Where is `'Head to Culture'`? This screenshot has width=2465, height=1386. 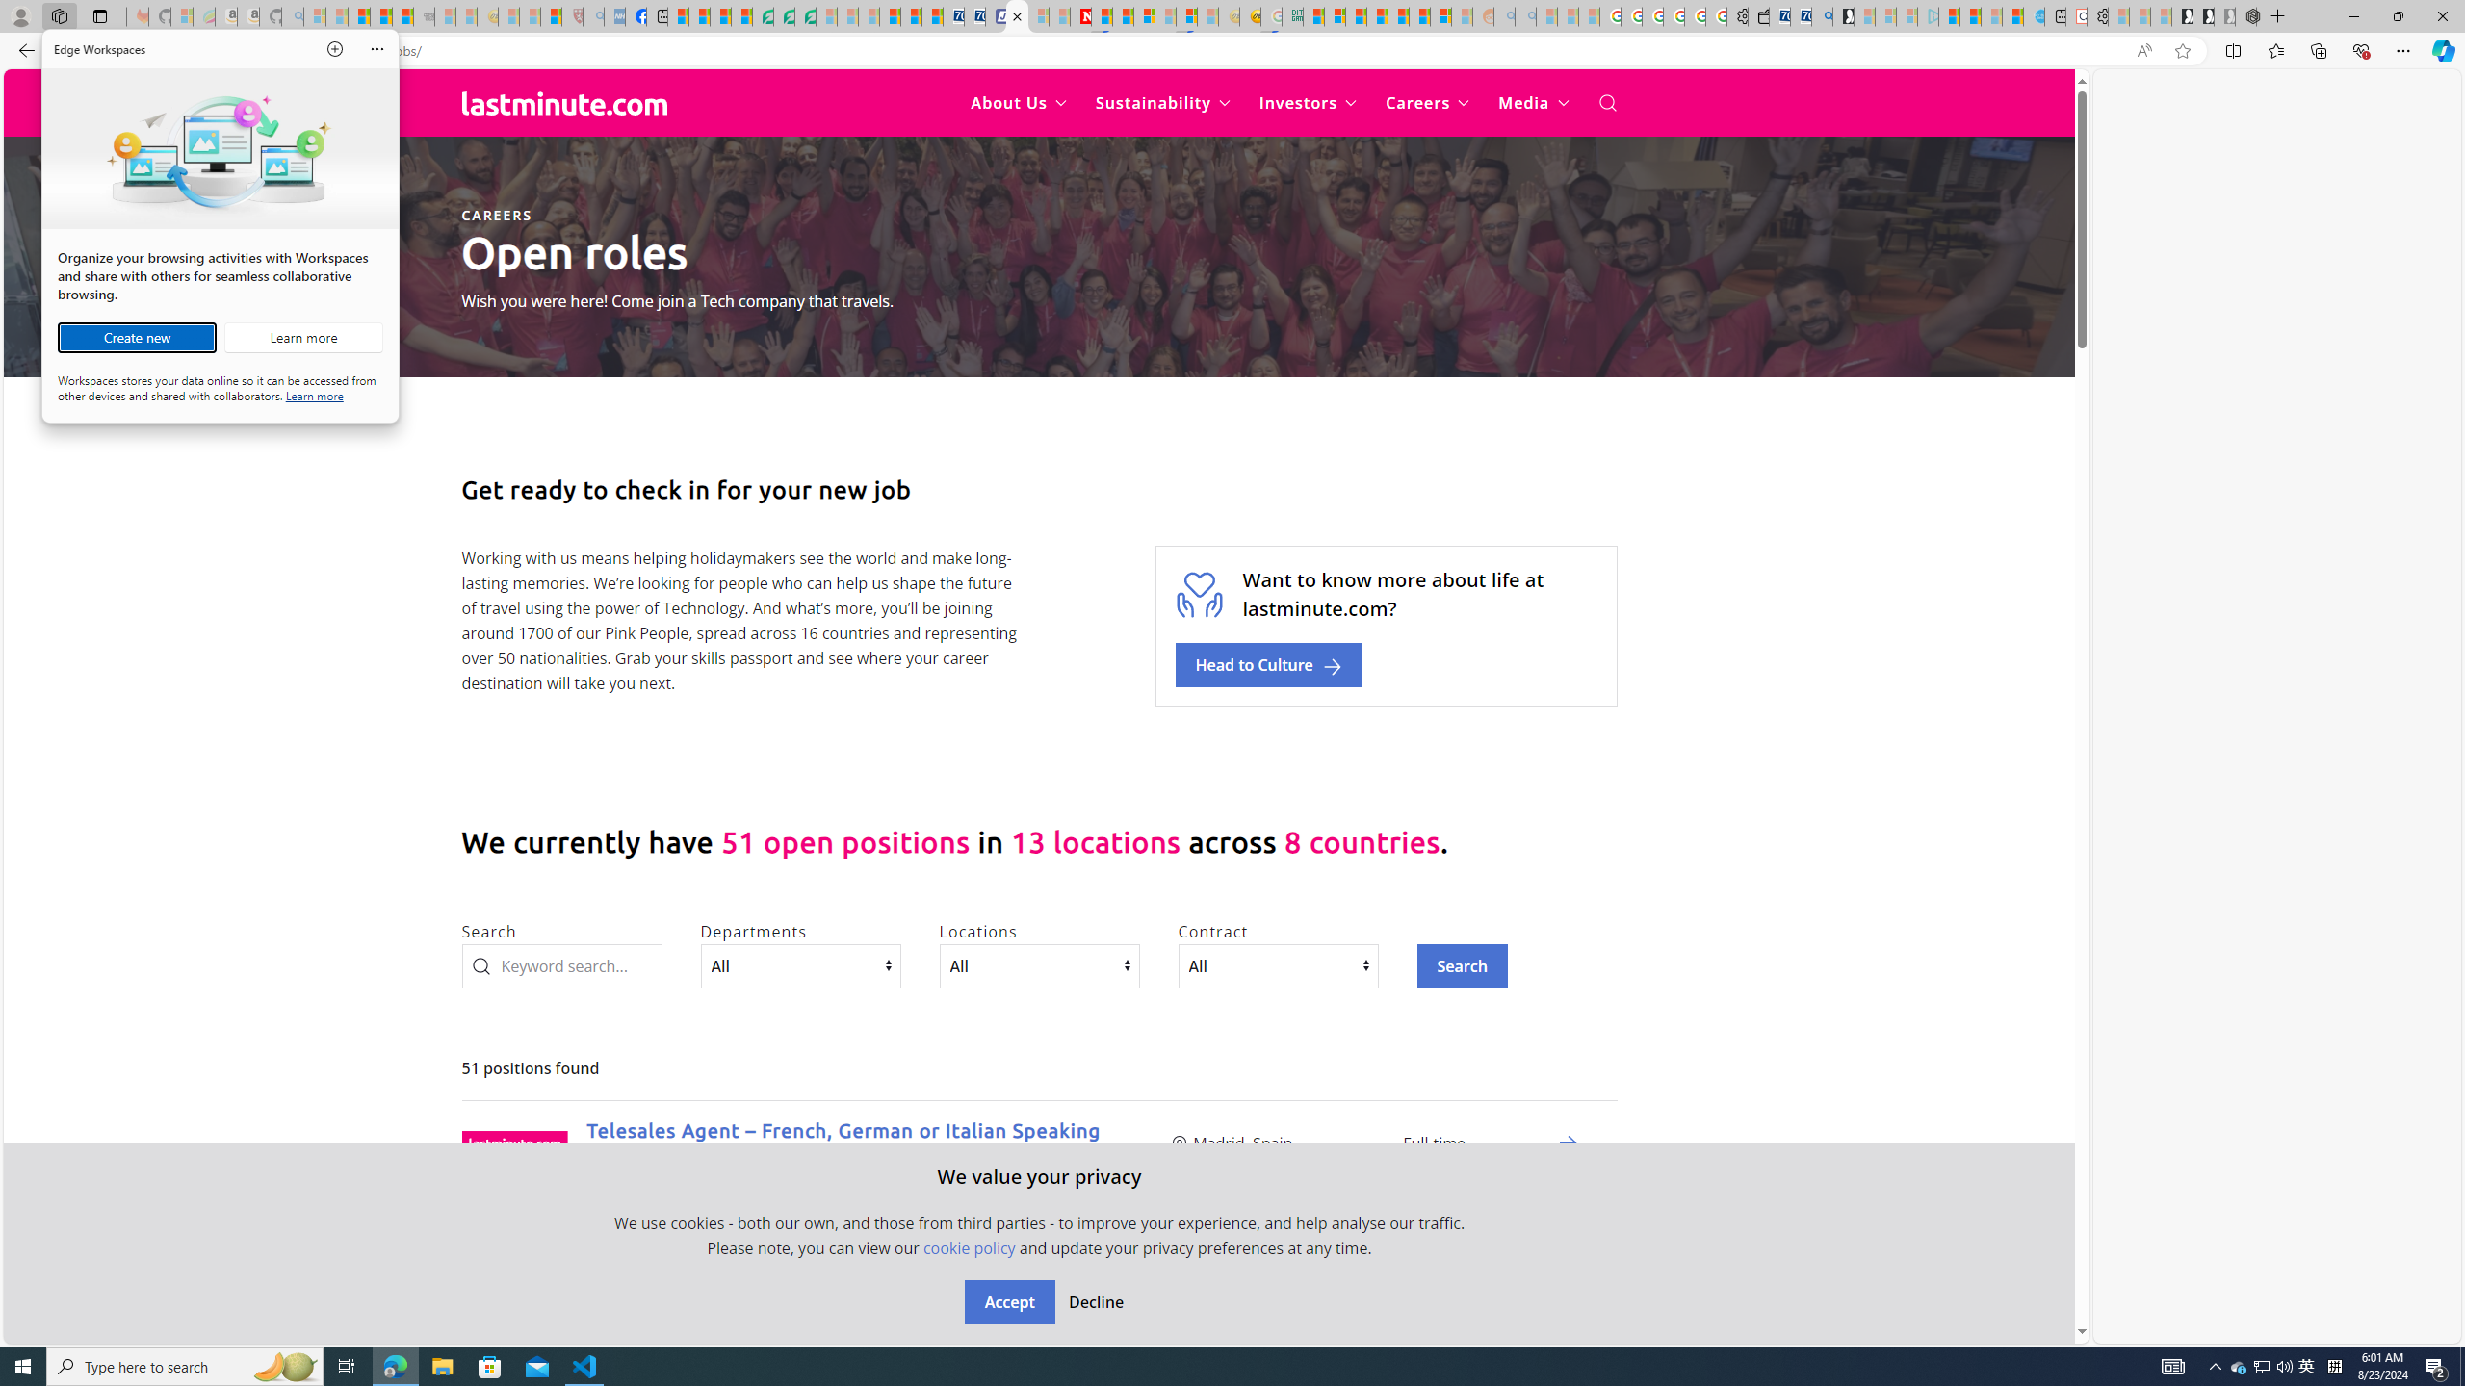 'Head to Culture' is located at coordinates (1268, 664).